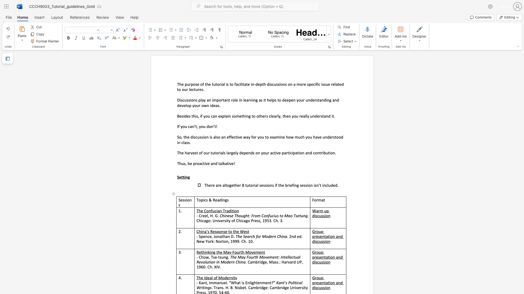  What do you see at coordinates (272, 282) in the screenshot?
I see `the 1th character "?" in the text` at bounding box center [272, 282].